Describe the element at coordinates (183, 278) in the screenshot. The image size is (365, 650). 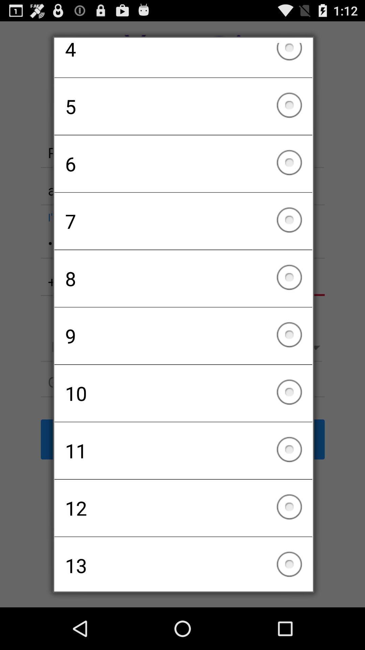
I see `icon below 7 icon` at that location.